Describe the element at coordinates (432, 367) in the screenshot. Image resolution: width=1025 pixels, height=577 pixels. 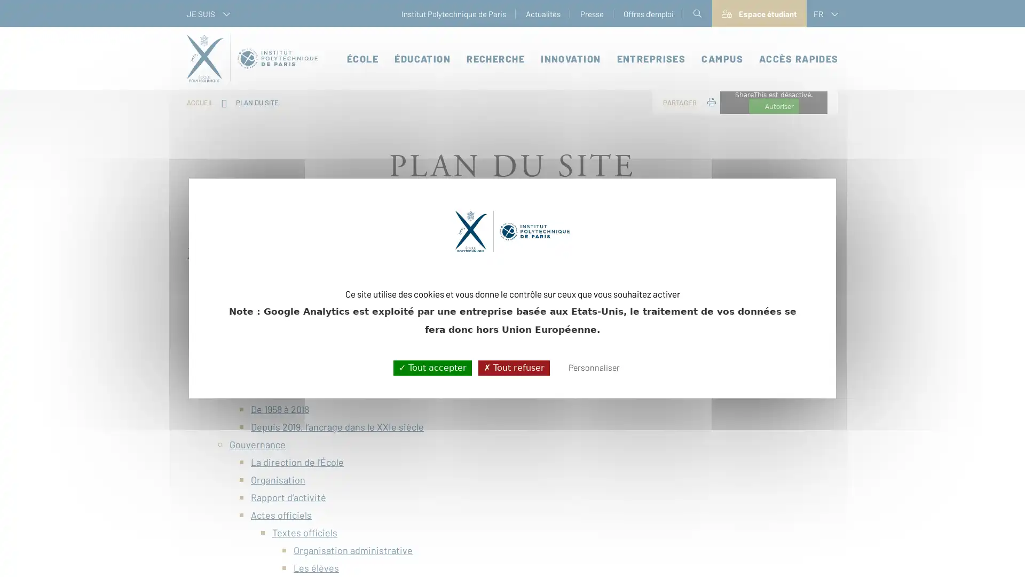
I see `Tout accepter` at that location.